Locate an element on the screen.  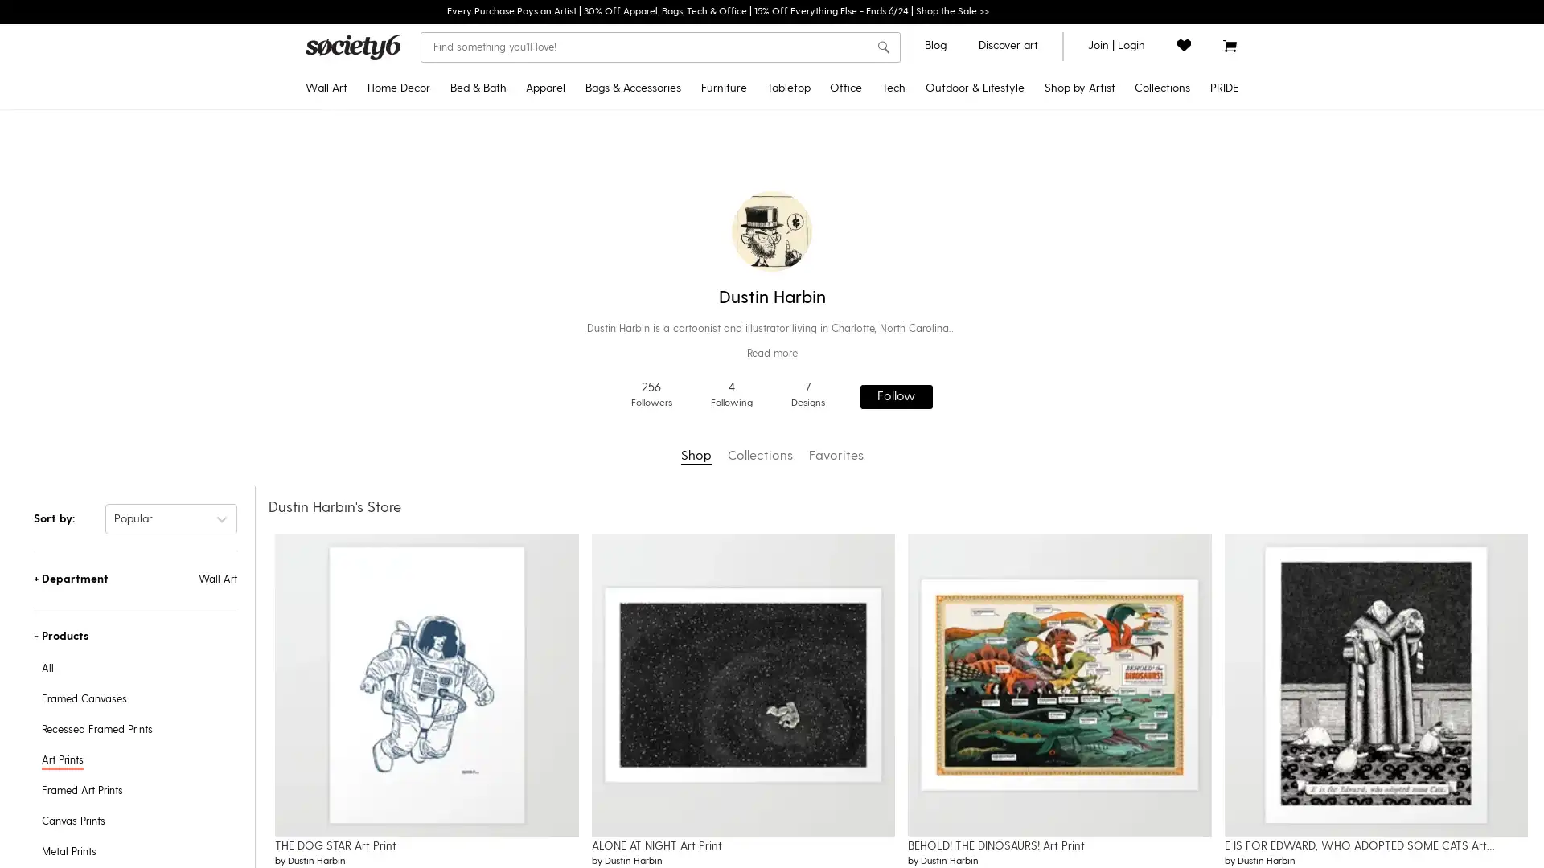
Coffee Tables is located at coordinates (751, 257).